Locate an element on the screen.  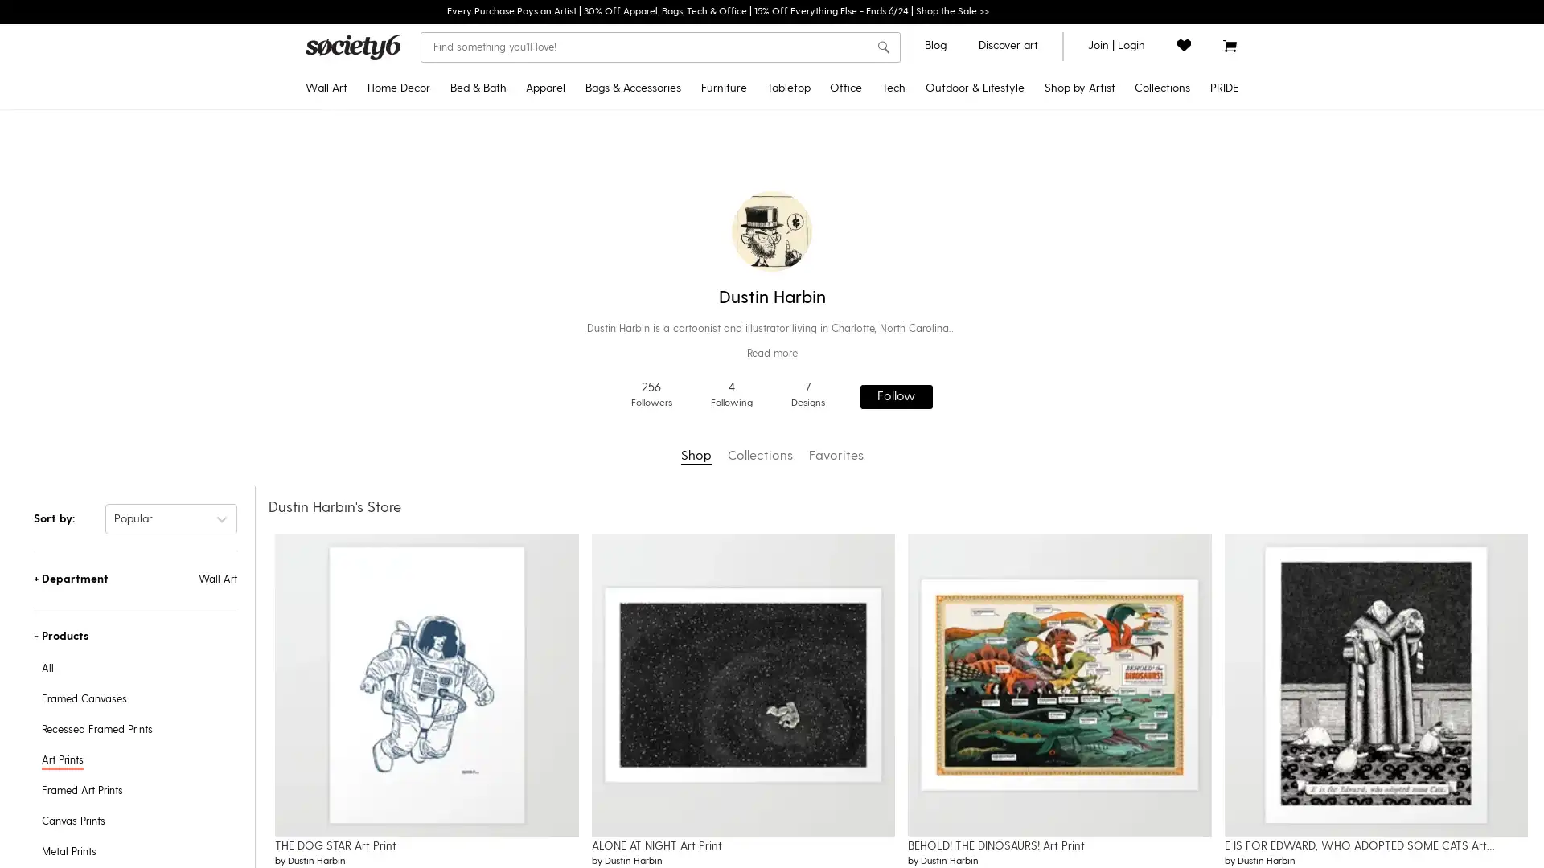
Coffee Tables is located at coordinates (751, 257).